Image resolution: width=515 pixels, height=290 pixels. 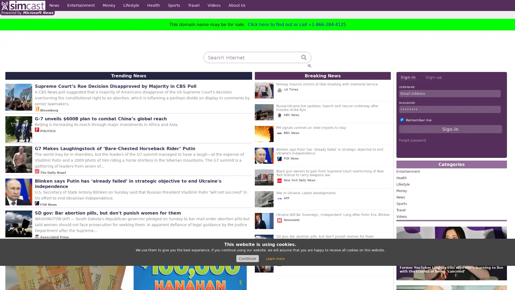 What do you see at coordinates (247, 258) in the screenshot?
I see `Continue` at bounding box center [247, 258].